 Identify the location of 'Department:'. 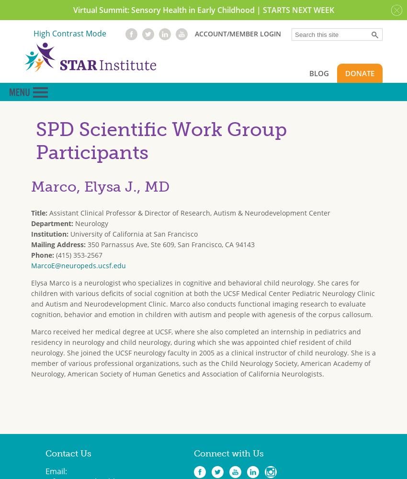
(53, 222).